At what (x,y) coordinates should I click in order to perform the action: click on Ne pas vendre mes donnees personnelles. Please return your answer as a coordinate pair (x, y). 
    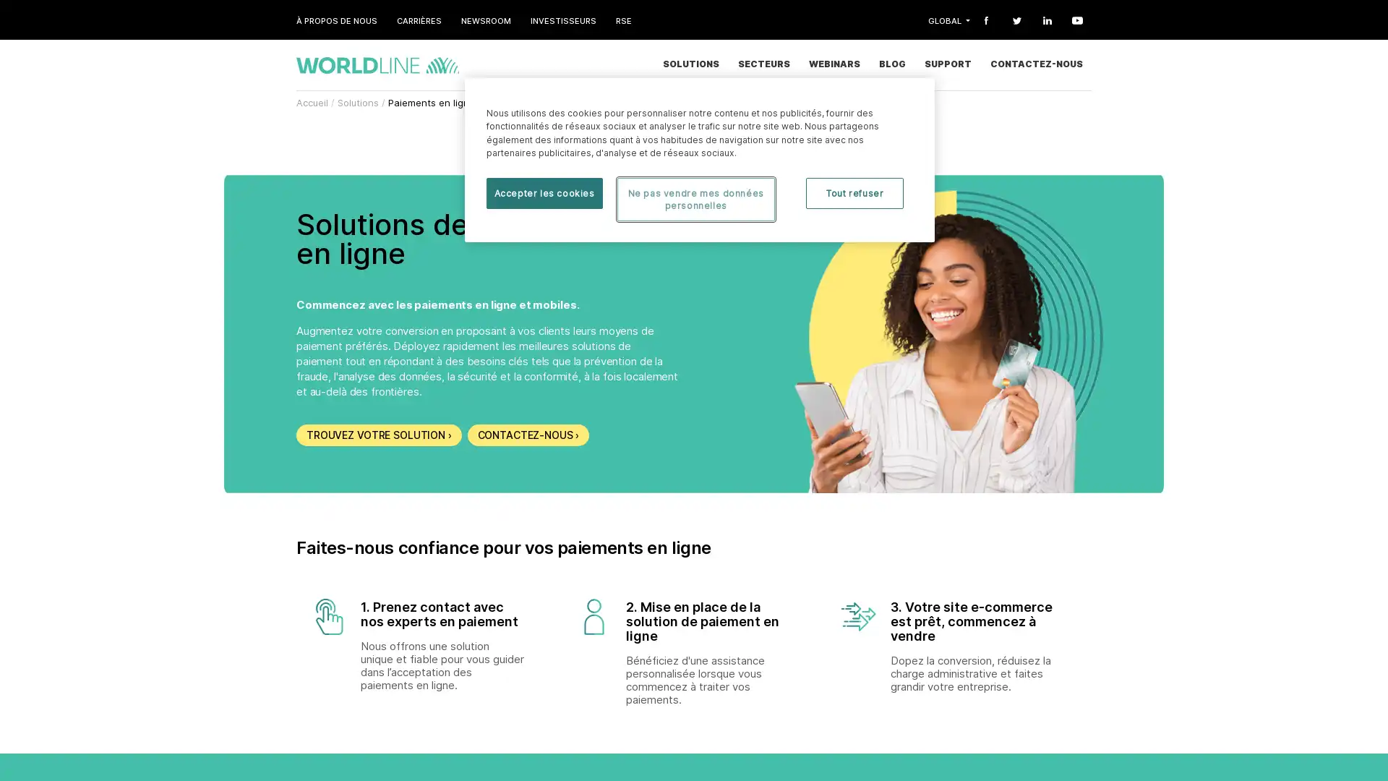
    Looking at the image, I should click on (695, 200).